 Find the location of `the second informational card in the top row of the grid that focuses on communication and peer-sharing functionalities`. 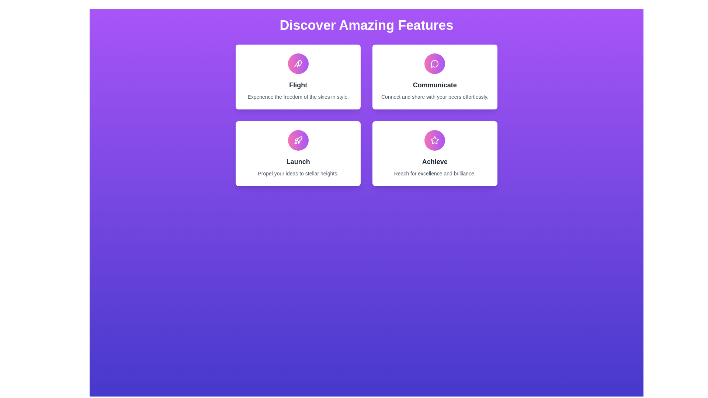

the second informational card in the top row of the grid that focuses on communication and peer-sharing functionalities is located at coordinates (435, 77).